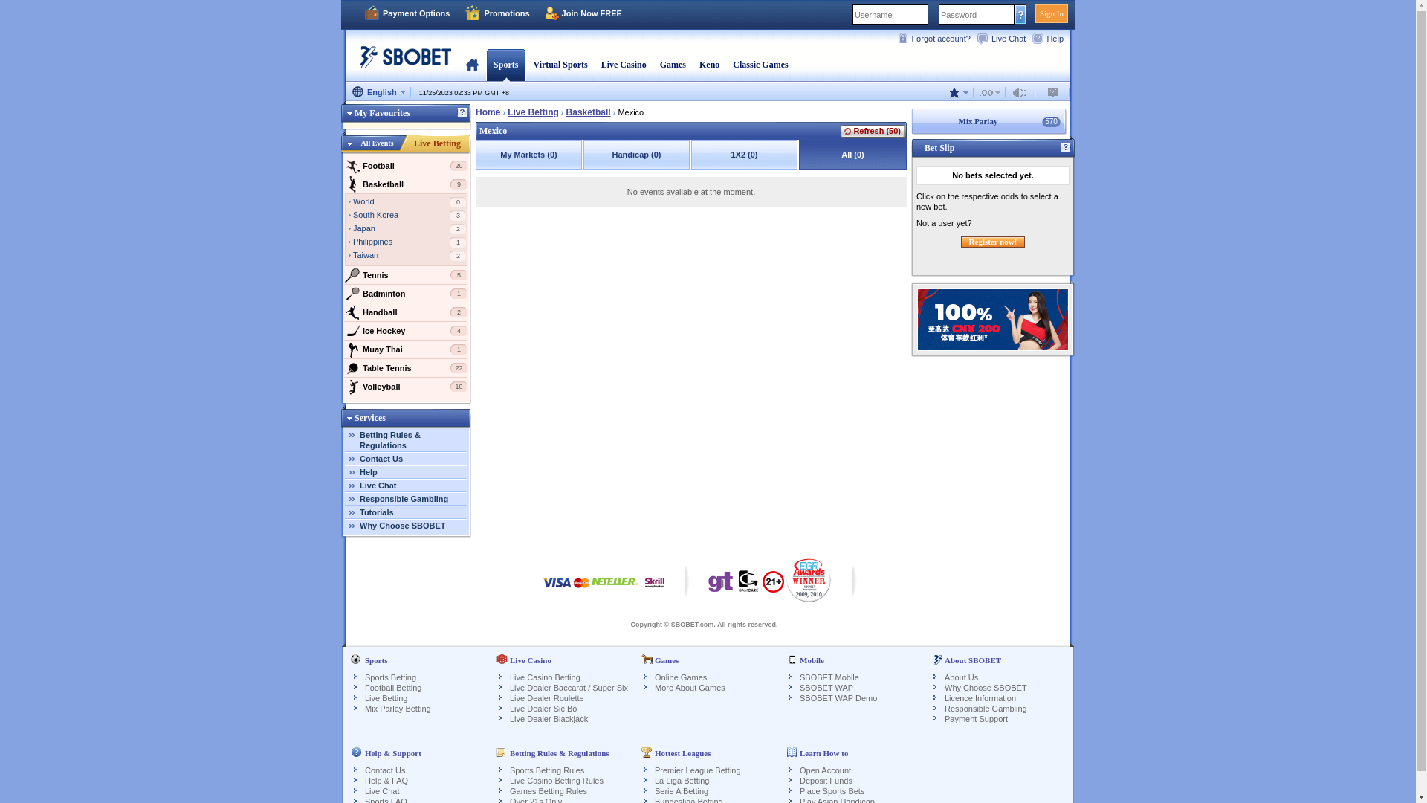 This screenshot has height=803, width=1427. I want to click on 'My Favourites', so click(406, 115).